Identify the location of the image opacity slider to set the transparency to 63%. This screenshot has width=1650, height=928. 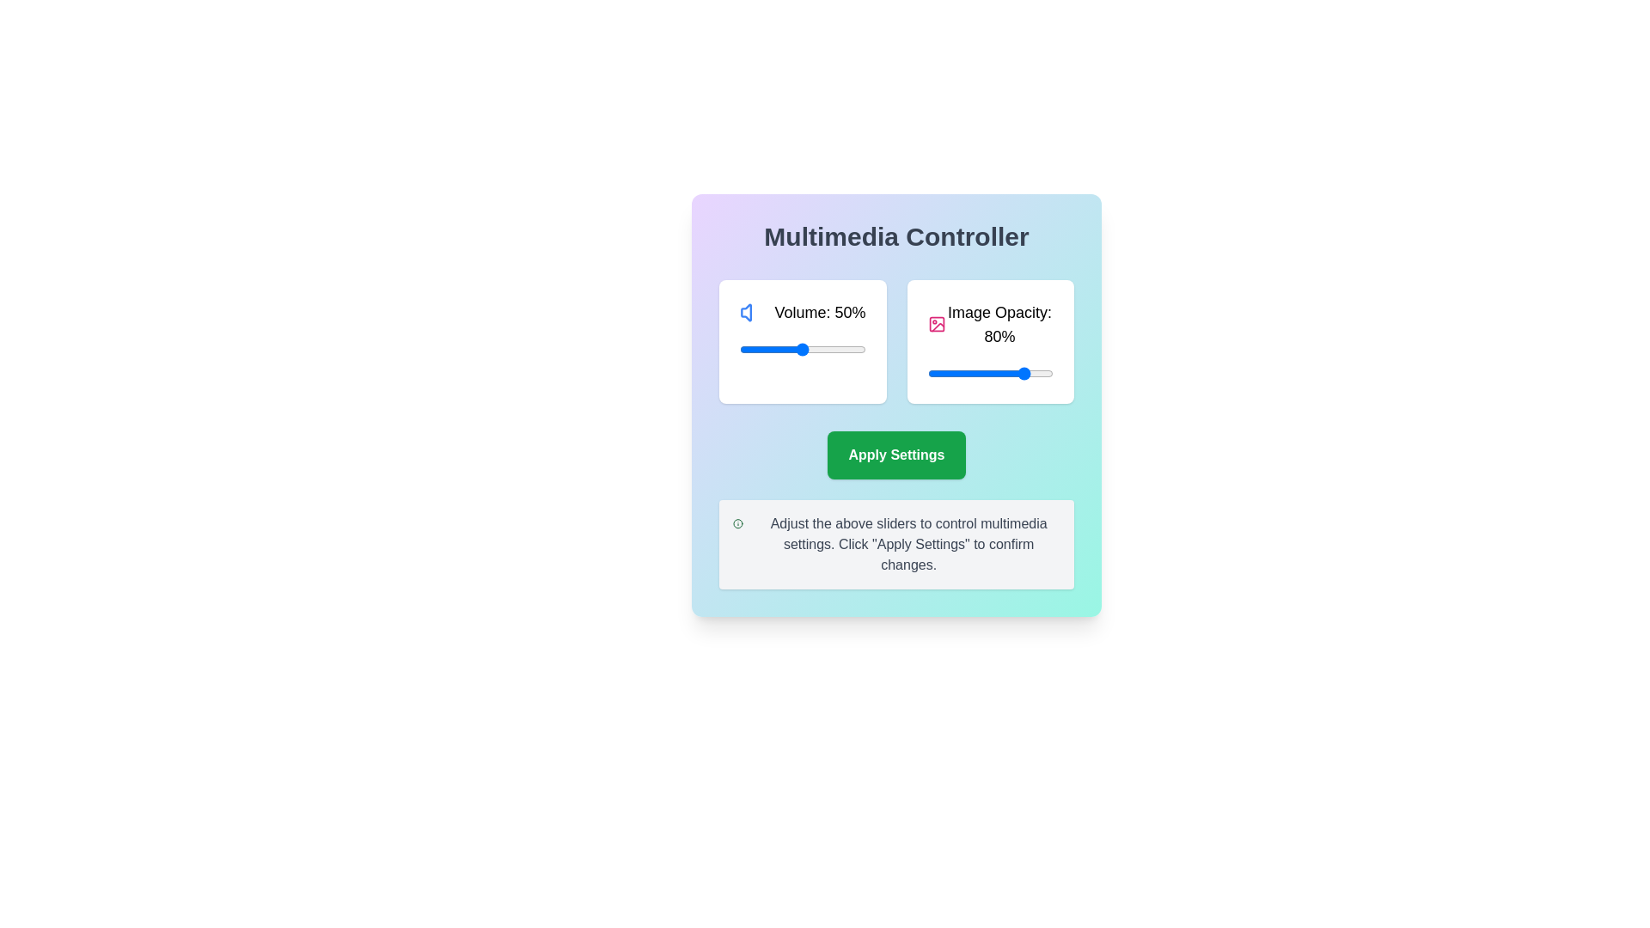
(1006, 373).